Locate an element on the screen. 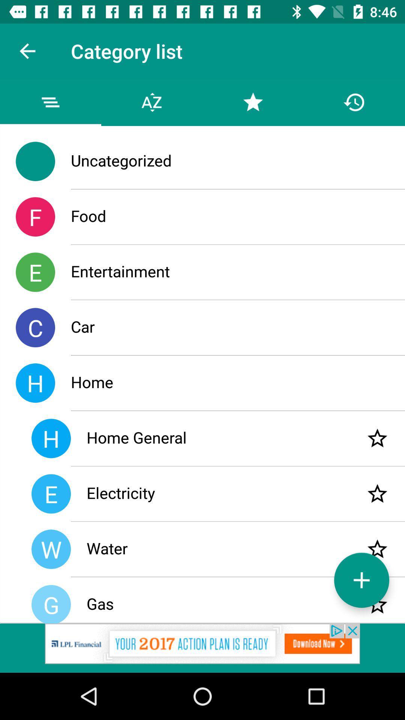 The height and width of the screenshot is (720, 405). set as favourite is located at coordinates (377, 549).